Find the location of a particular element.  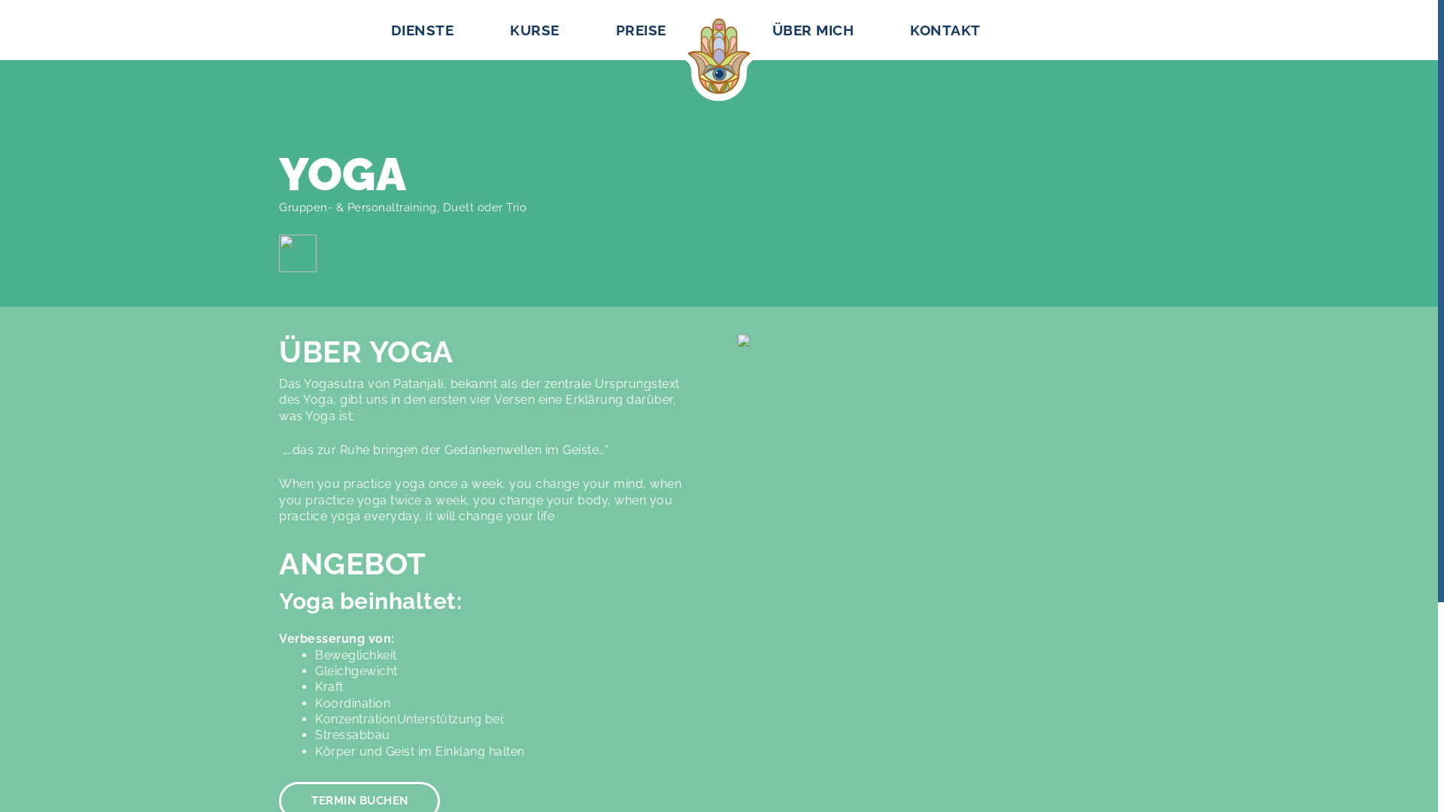

'PREISE' is located at coordinates (626, 31).